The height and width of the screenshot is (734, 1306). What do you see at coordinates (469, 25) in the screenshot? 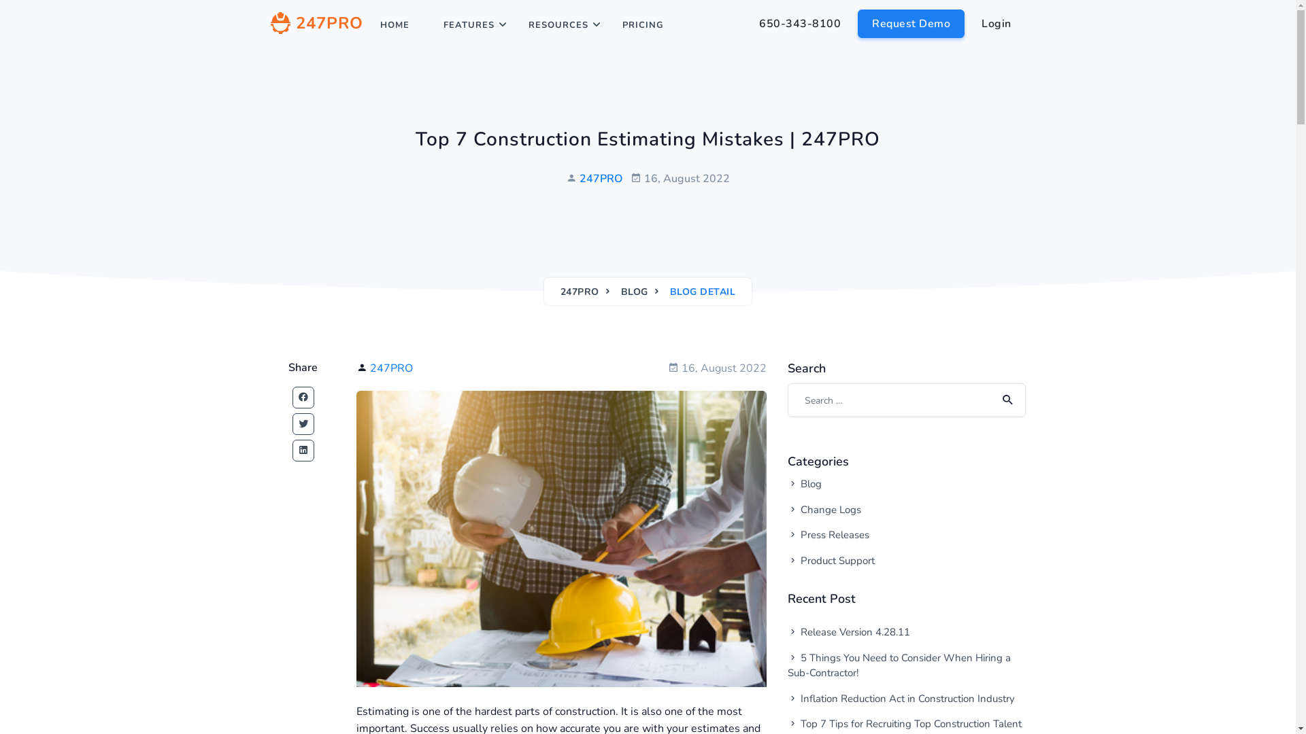
I see `'FEATURES'` at bounding box center [469, 25].